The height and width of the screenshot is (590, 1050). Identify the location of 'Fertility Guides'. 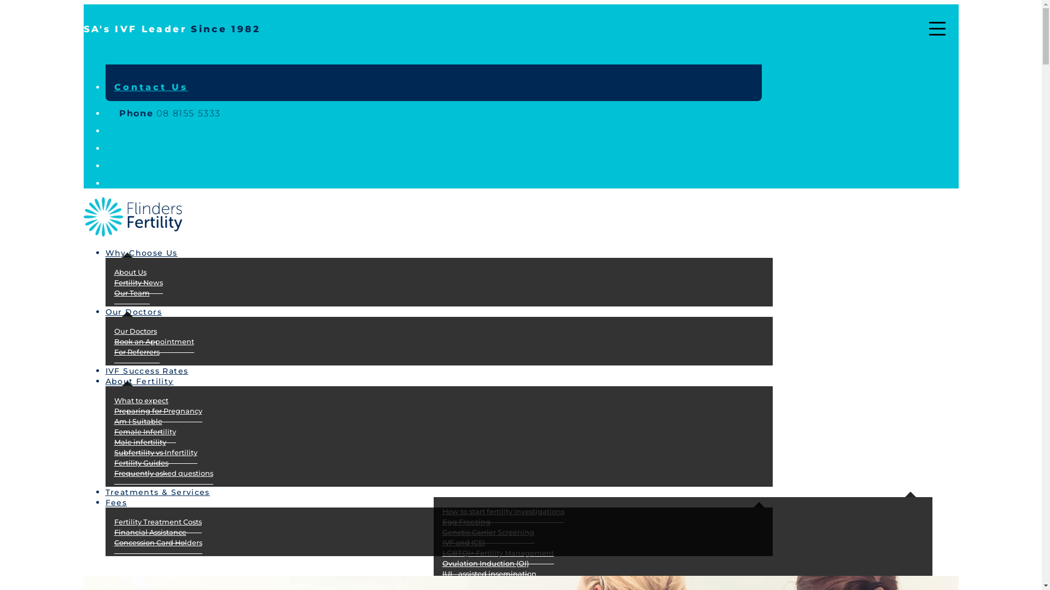
(140, 463).